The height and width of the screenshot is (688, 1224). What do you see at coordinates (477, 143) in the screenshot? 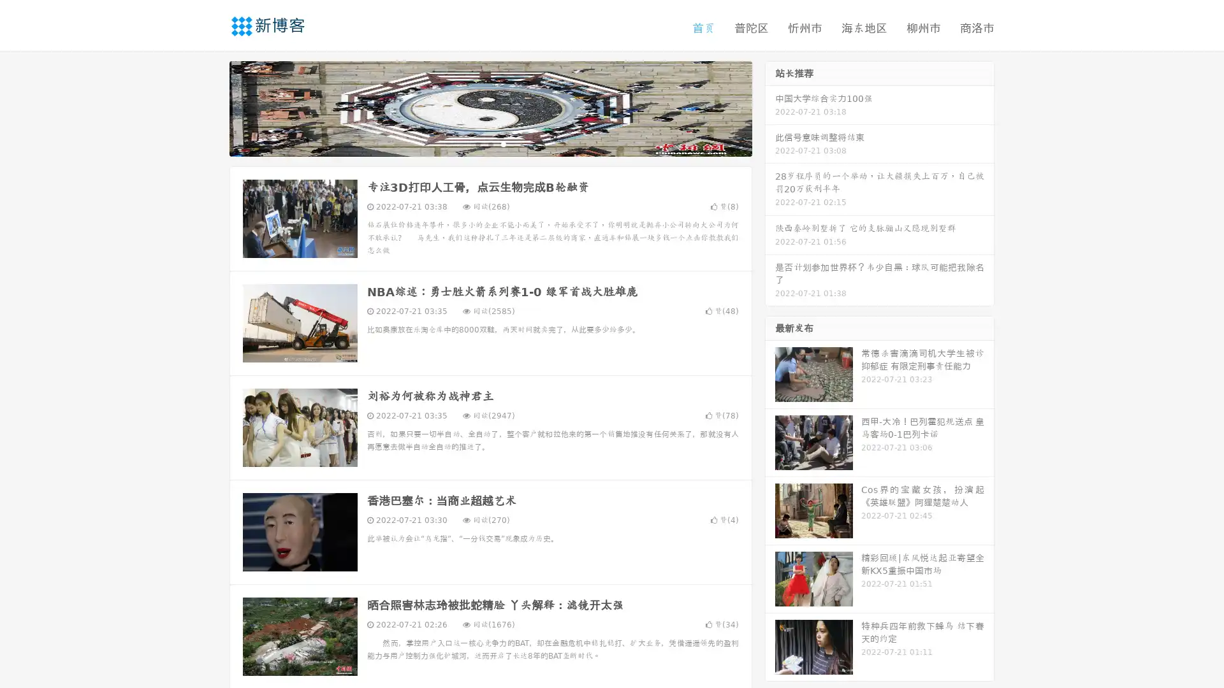
I see `Go to slide 1` at bounding box center [477, 143].